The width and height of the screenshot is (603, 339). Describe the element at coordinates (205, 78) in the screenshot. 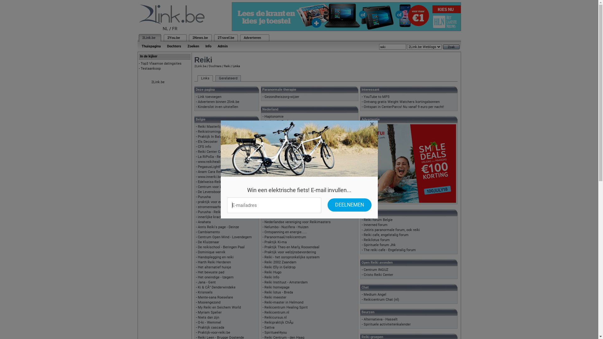

I see `'Links'` at that location.